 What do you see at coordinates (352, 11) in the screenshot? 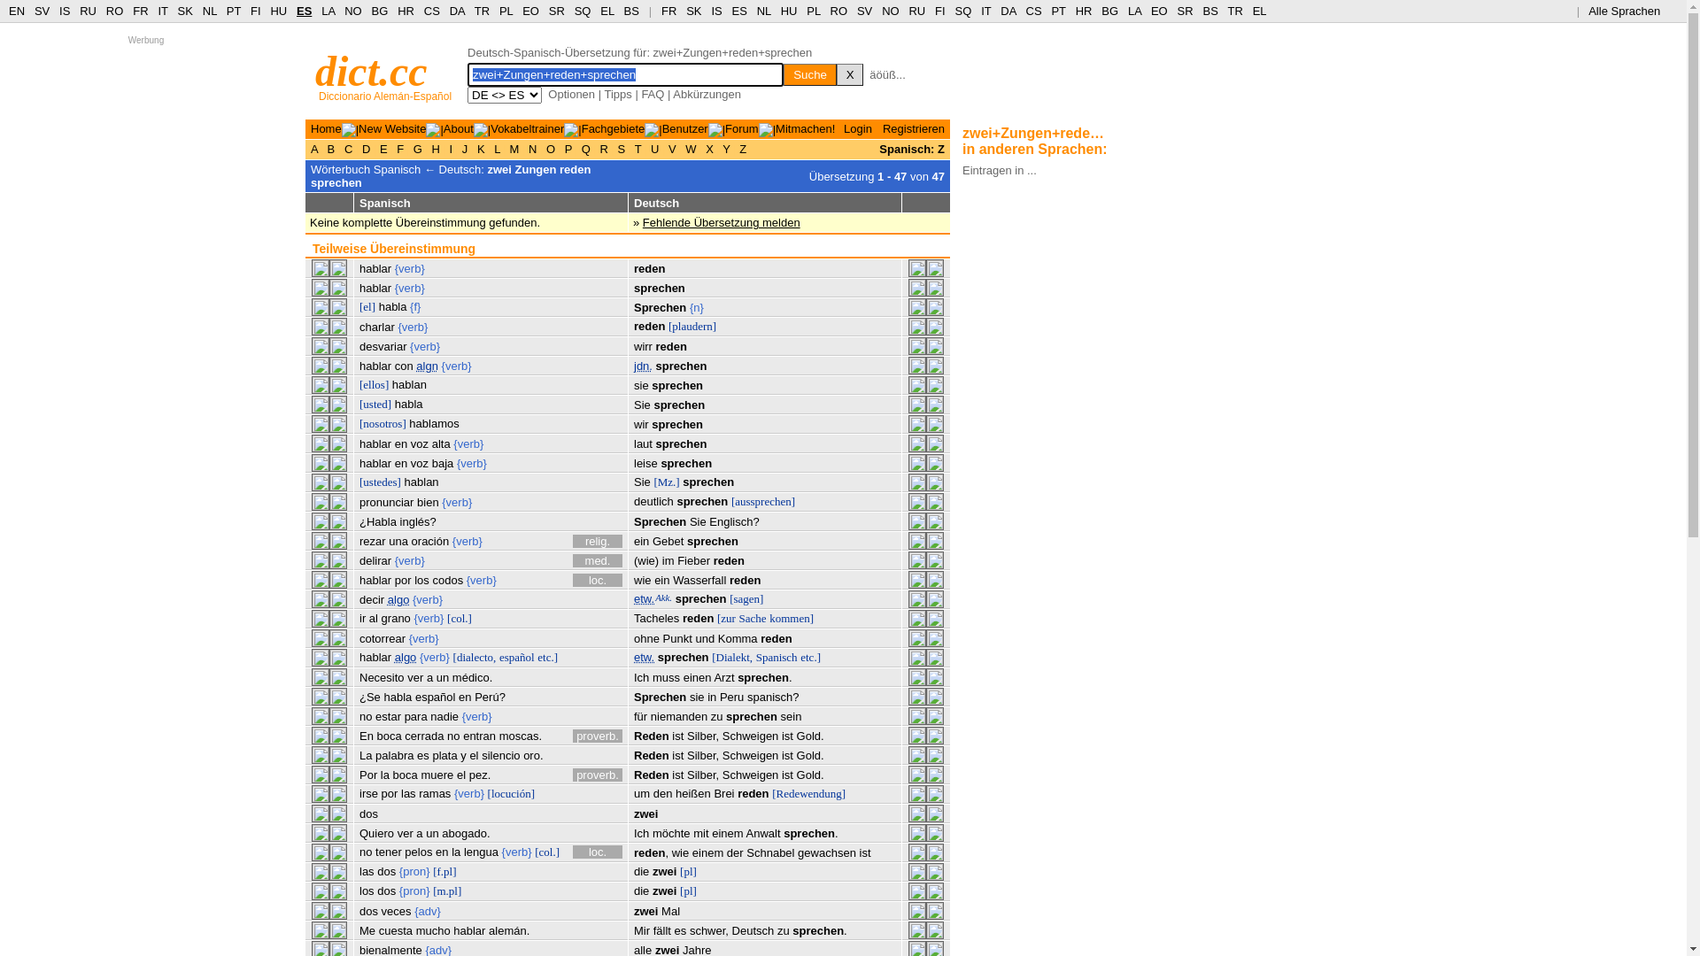
I see `'NO'` at bounding box center [352, 11].